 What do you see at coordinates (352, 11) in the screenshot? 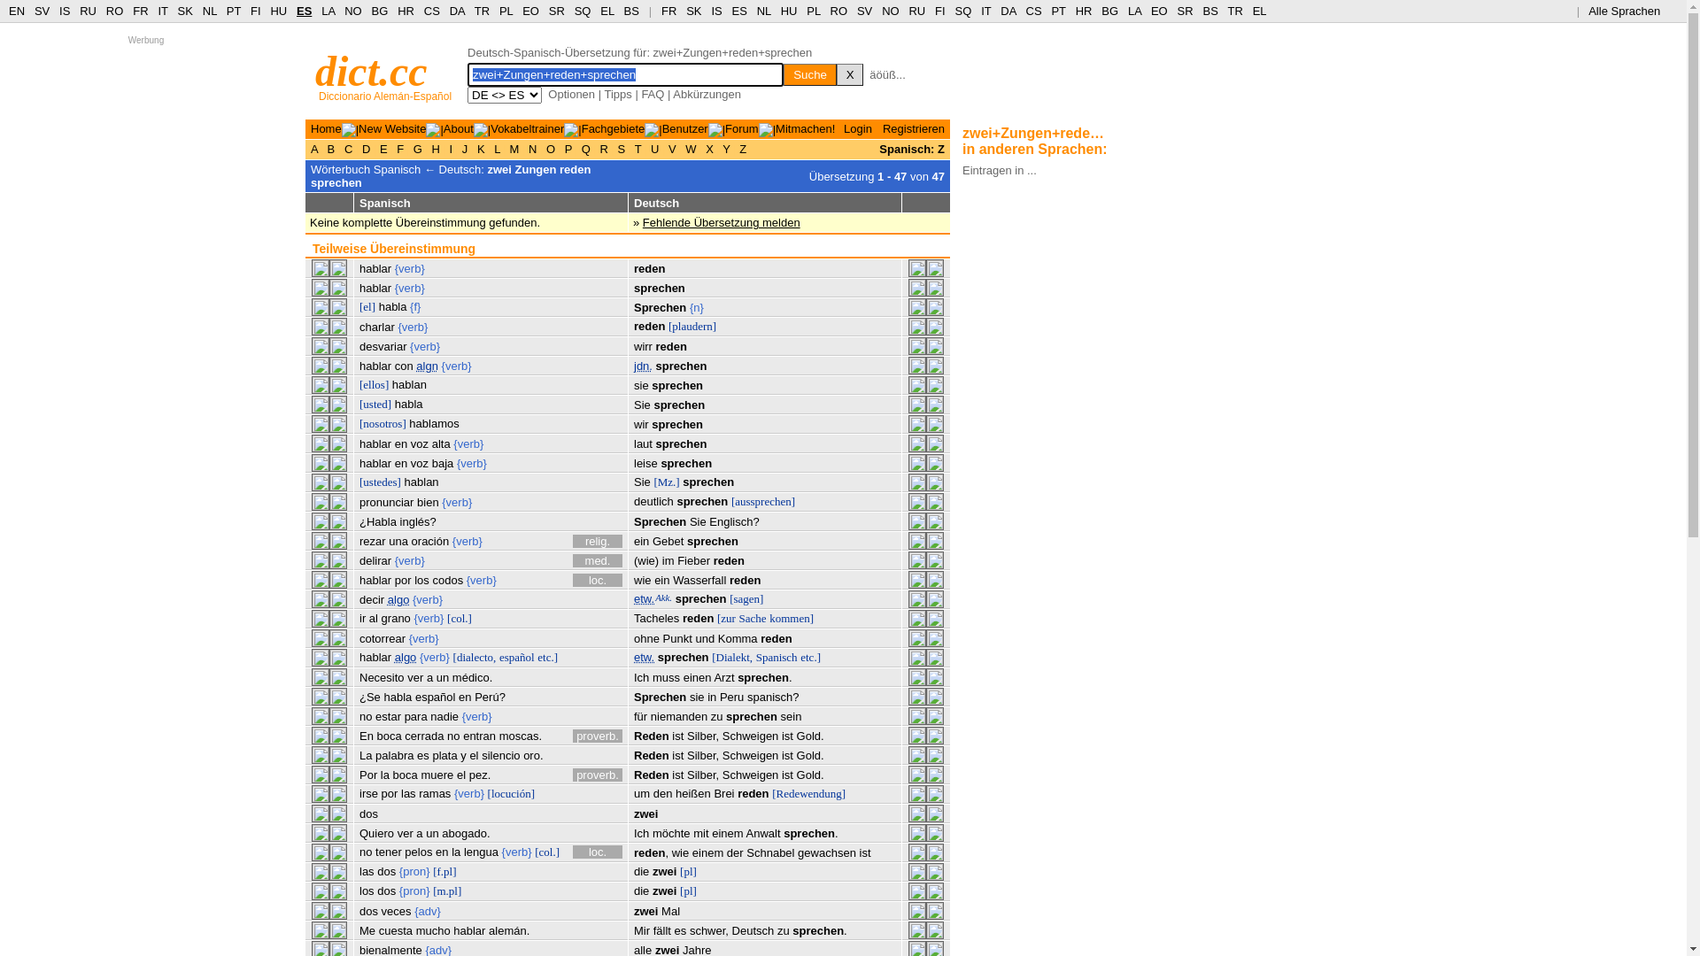
I see `'NO'` at bounding box center [352, 11].